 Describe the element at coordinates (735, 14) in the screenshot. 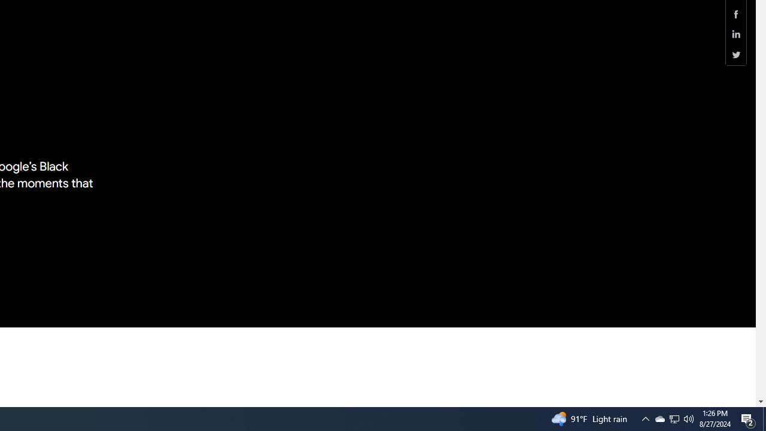

I see `'Share this page (Facebook)'` at that location.